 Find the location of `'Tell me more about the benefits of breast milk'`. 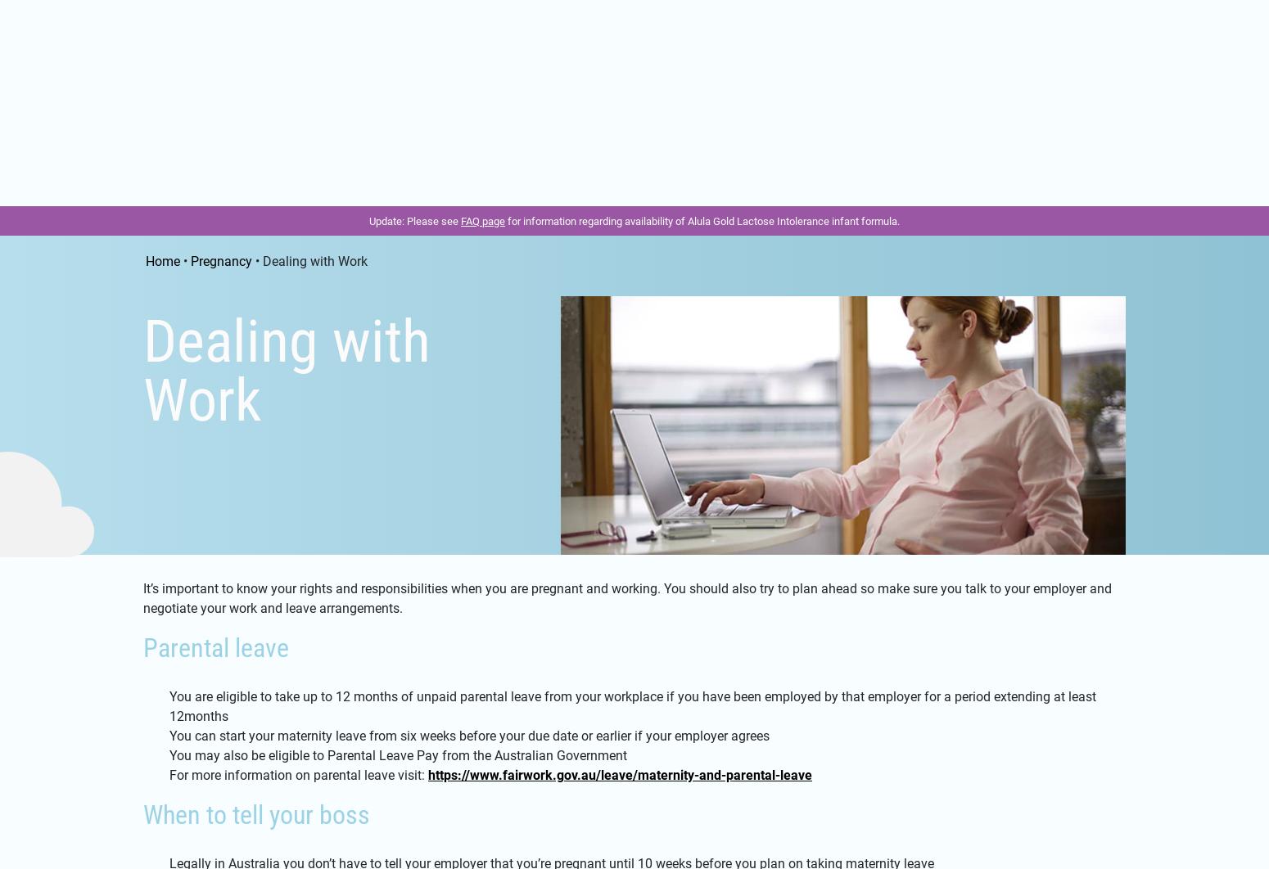

'Tell me more about the benefits of breast milk' is located at coordinates (634, 746).